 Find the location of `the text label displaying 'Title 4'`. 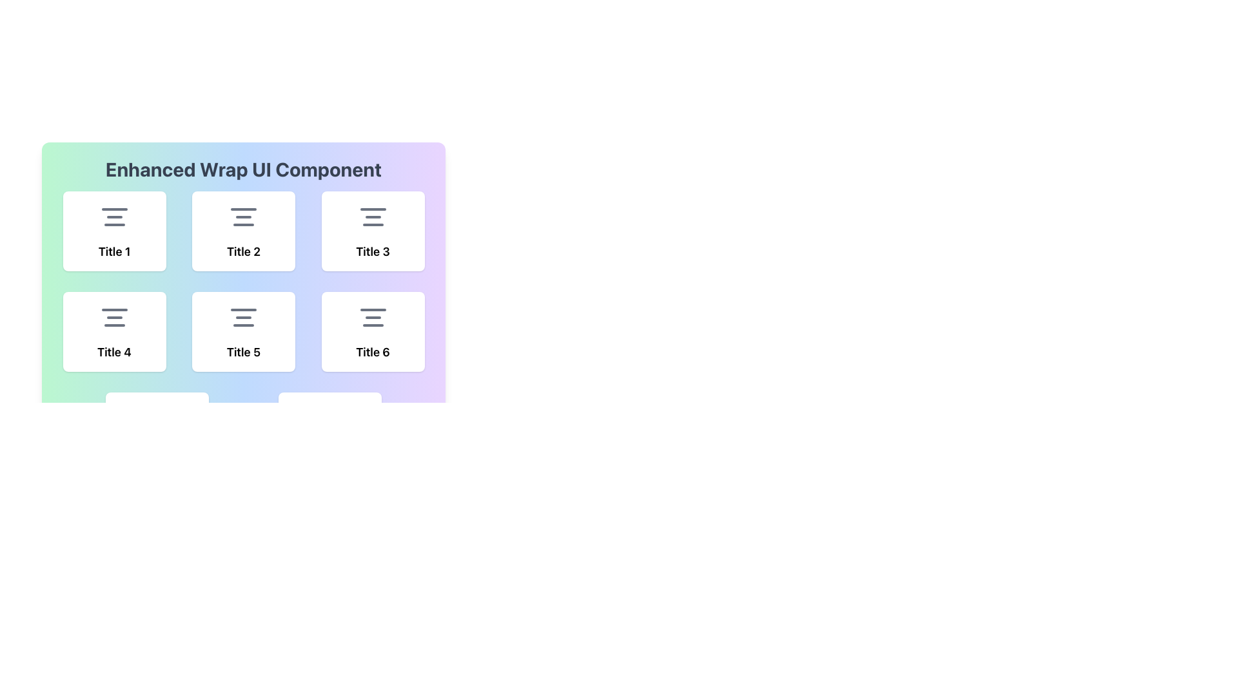

the text label displaying 'Title 4' is located at coordinates (114, 353).